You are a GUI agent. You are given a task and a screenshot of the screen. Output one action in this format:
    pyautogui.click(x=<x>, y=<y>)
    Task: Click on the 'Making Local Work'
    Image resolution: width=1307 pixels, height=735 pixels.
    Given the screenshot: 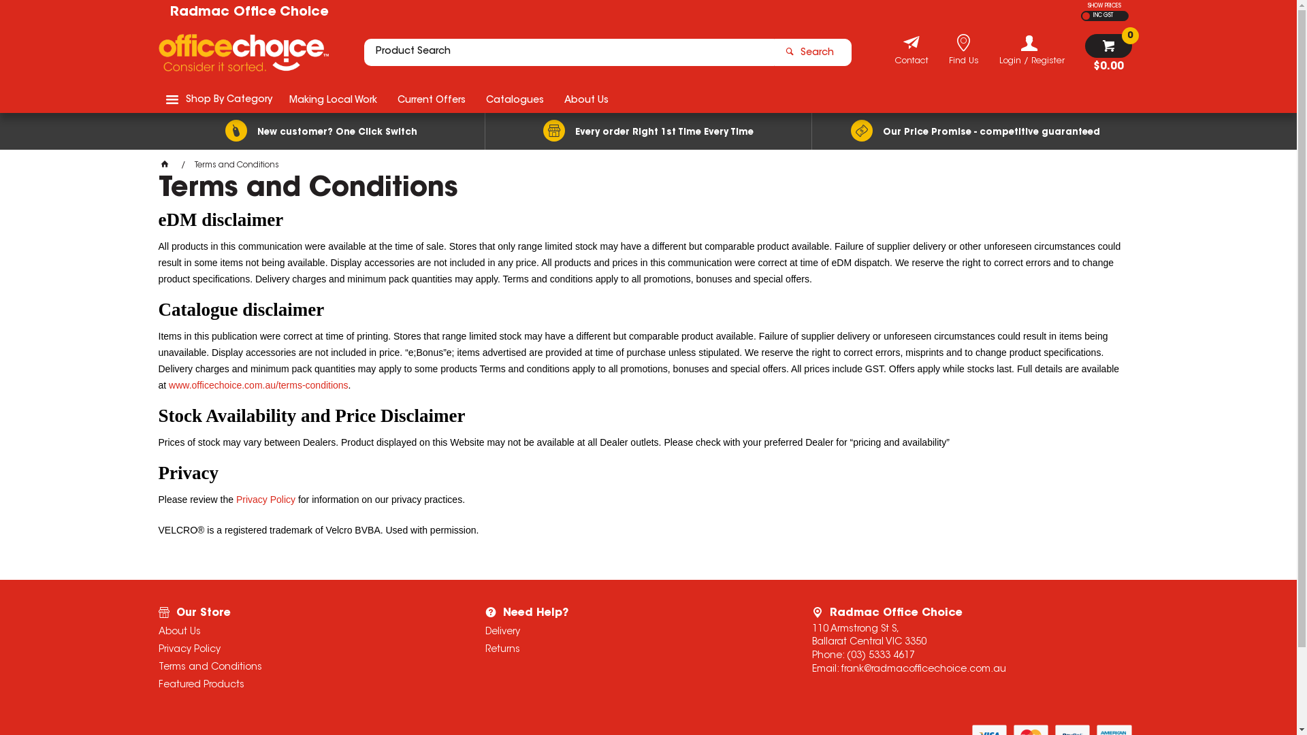 What is the action you would take?
    pyautogui.click(x=333, y=99)
    